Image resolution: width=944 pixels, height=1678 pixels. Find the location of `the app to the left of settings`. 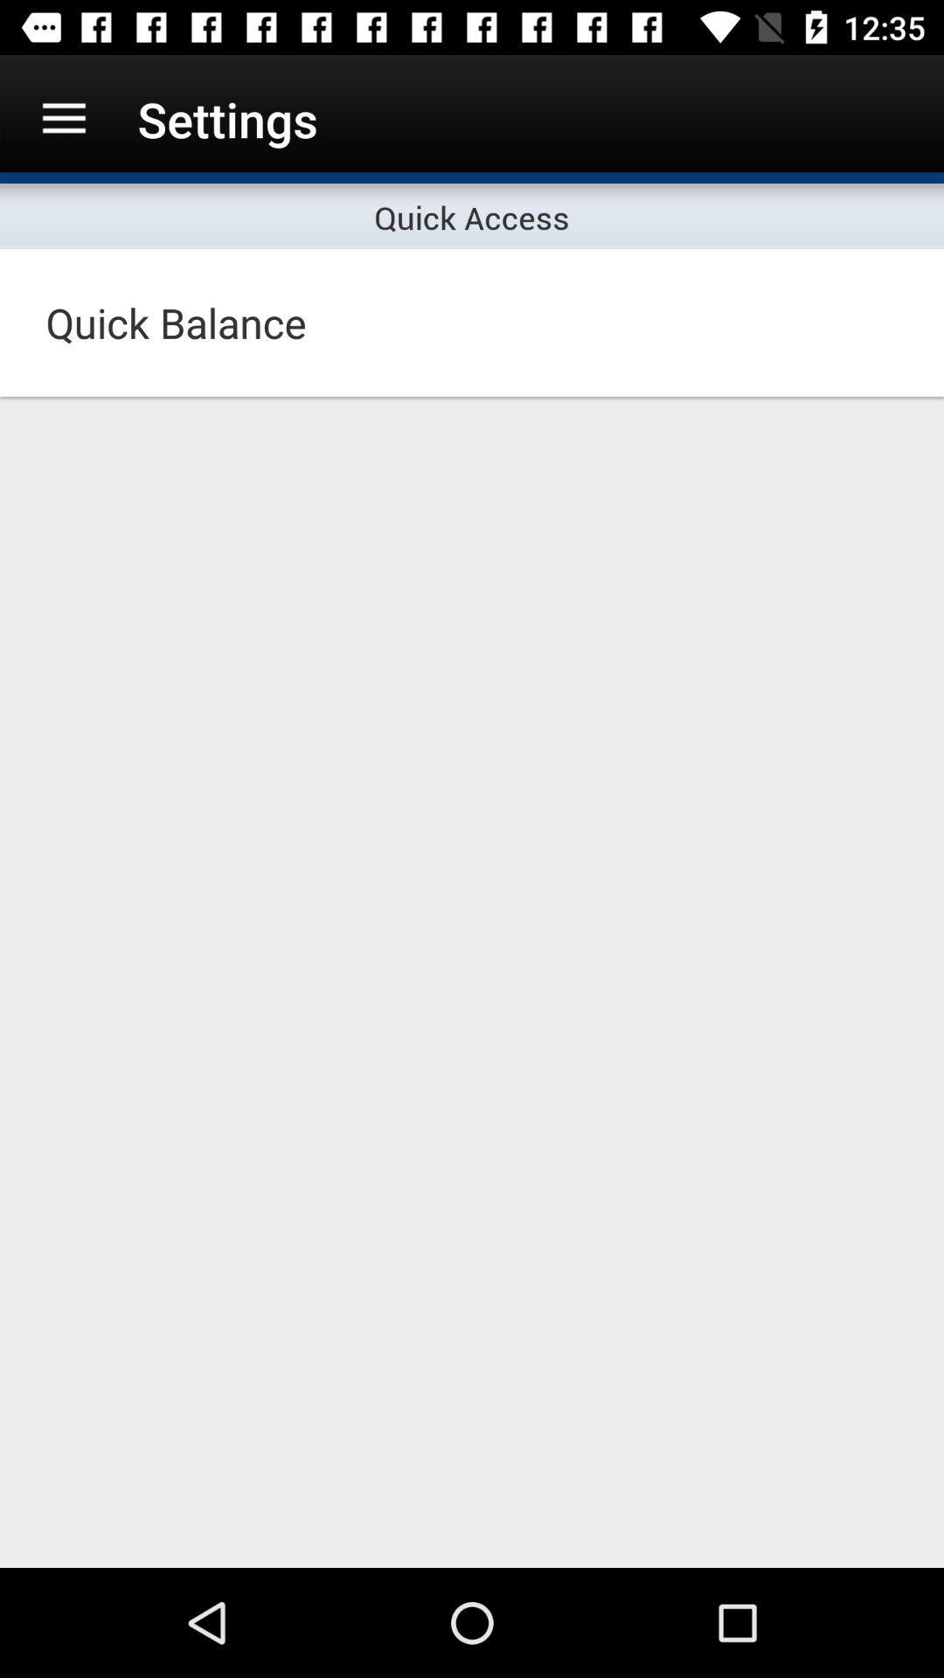

the app to the left of settings is located at coordinates (63, 118).